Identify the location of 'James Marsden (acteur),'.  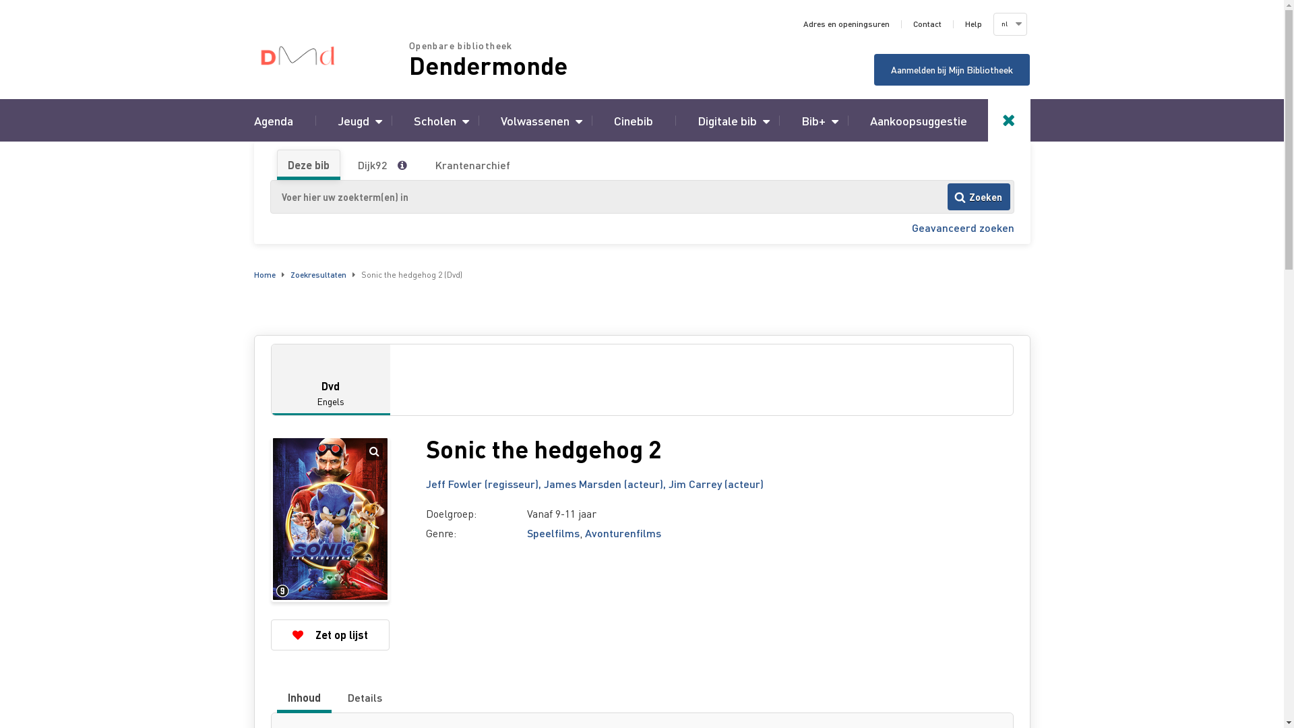
(605, 483).